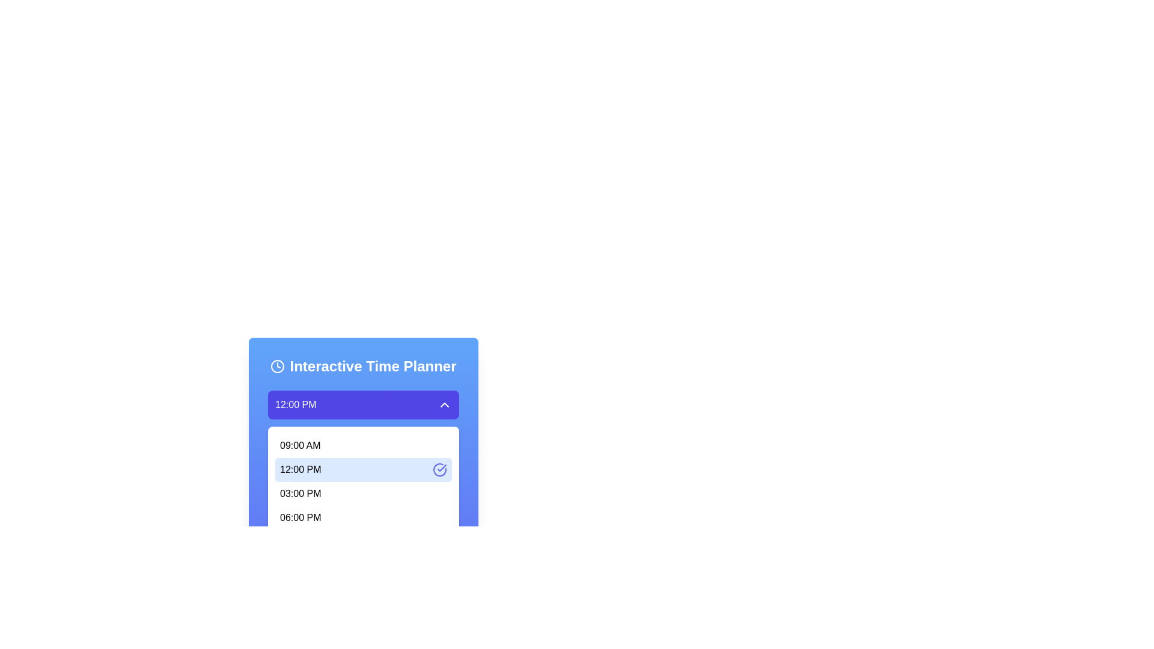 This screenshot has width=1154, height=649. Describe the element at coordinates (362, 365) in the screenshot. I see `the header text 'Interactive Time Planner' with the accompanying clock icon, which is prominently displayed at the top of the content in a card-like layout` at that location.